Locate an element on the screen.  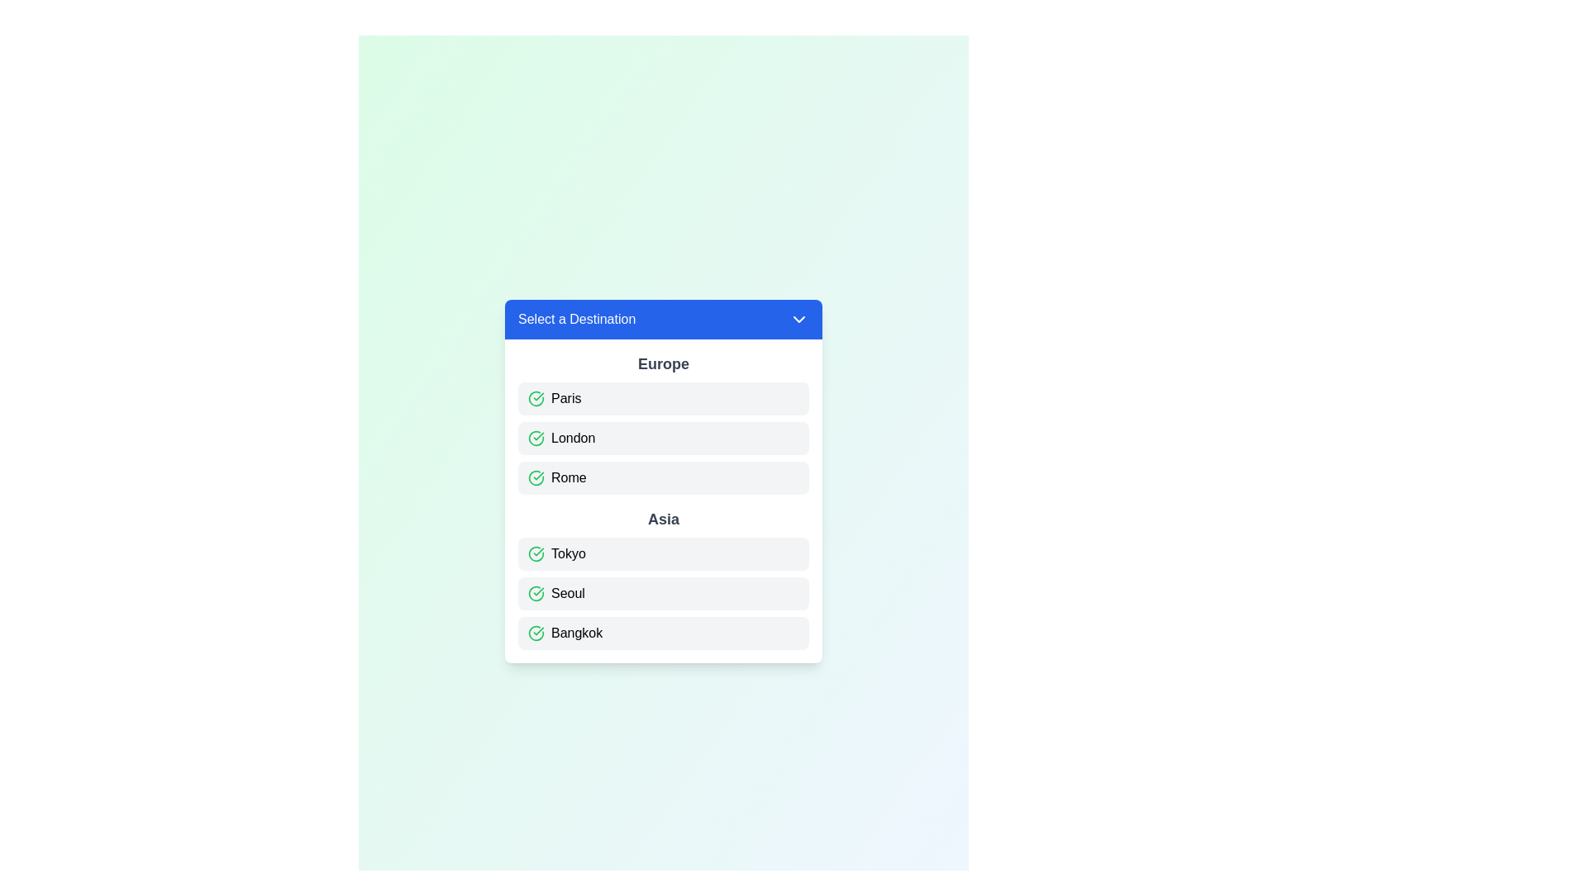
the circular green checkmark icon located to the left of the text 'Tokyo' in the fourth list item of the dropdown menu under 'Asia' is located at coordinates (536, 554).